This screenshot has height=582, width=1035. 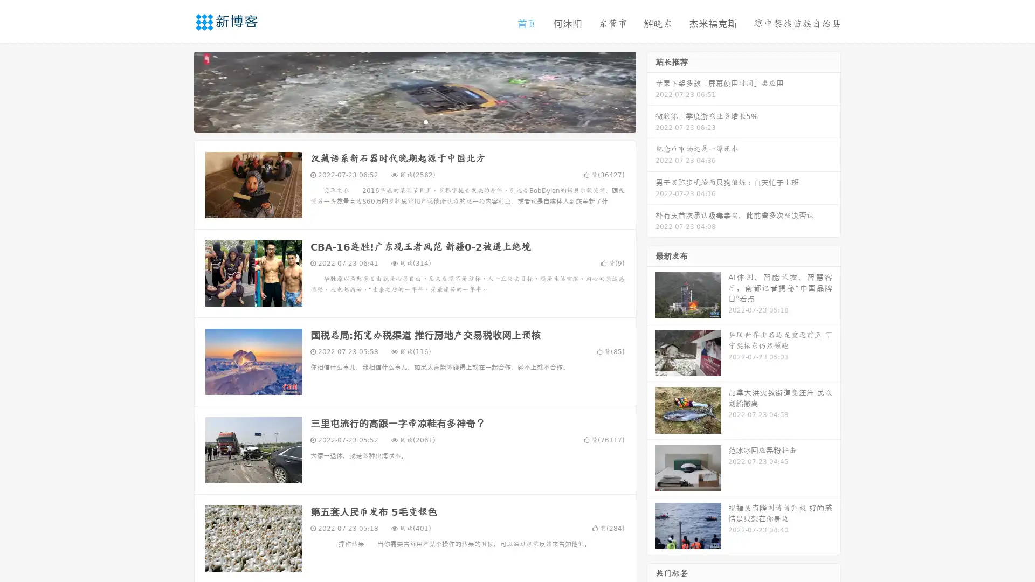 I want to click on Go to slide 3, so click(x=425, y=121).